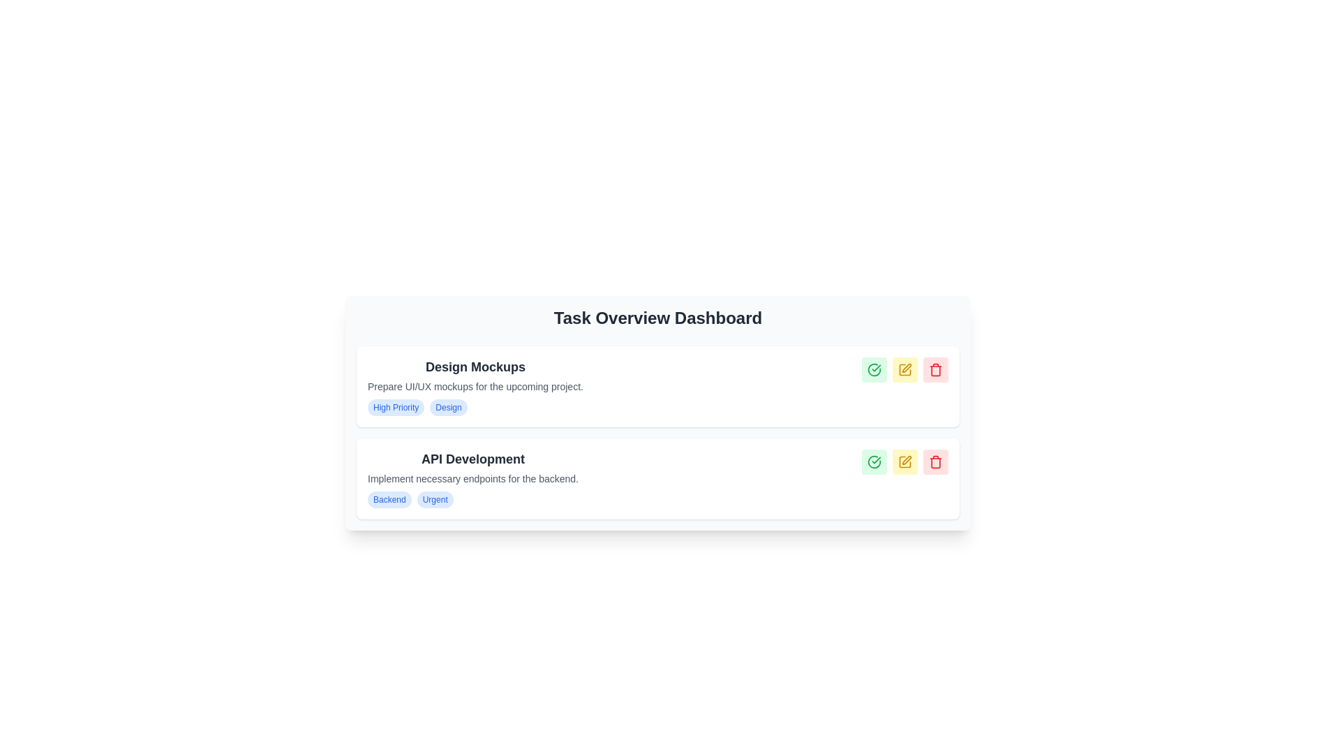  What do you see at coordinates (907, 367) in the screenshot?
I see `the pen icon located at the top-right corner of the task entry in the Task Overview Dashboard` at bounding box center [907, 367].